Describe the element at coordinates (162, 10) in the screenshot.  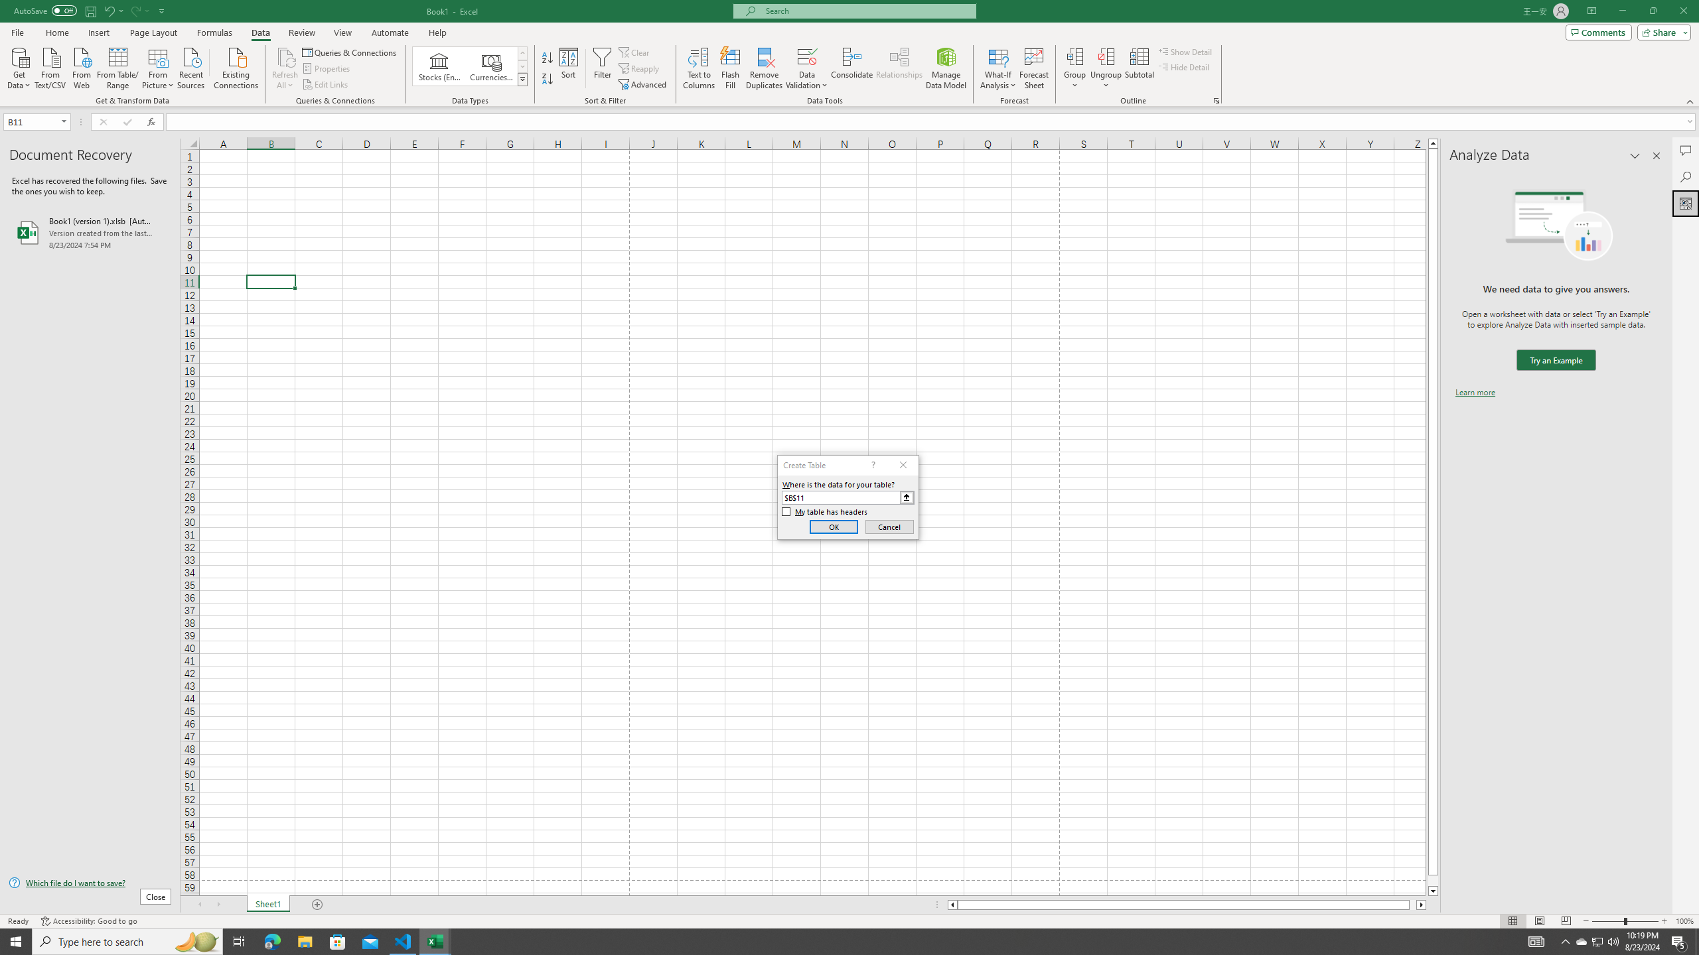
I see `'Customize Quick Access Toolbar'` at that location.